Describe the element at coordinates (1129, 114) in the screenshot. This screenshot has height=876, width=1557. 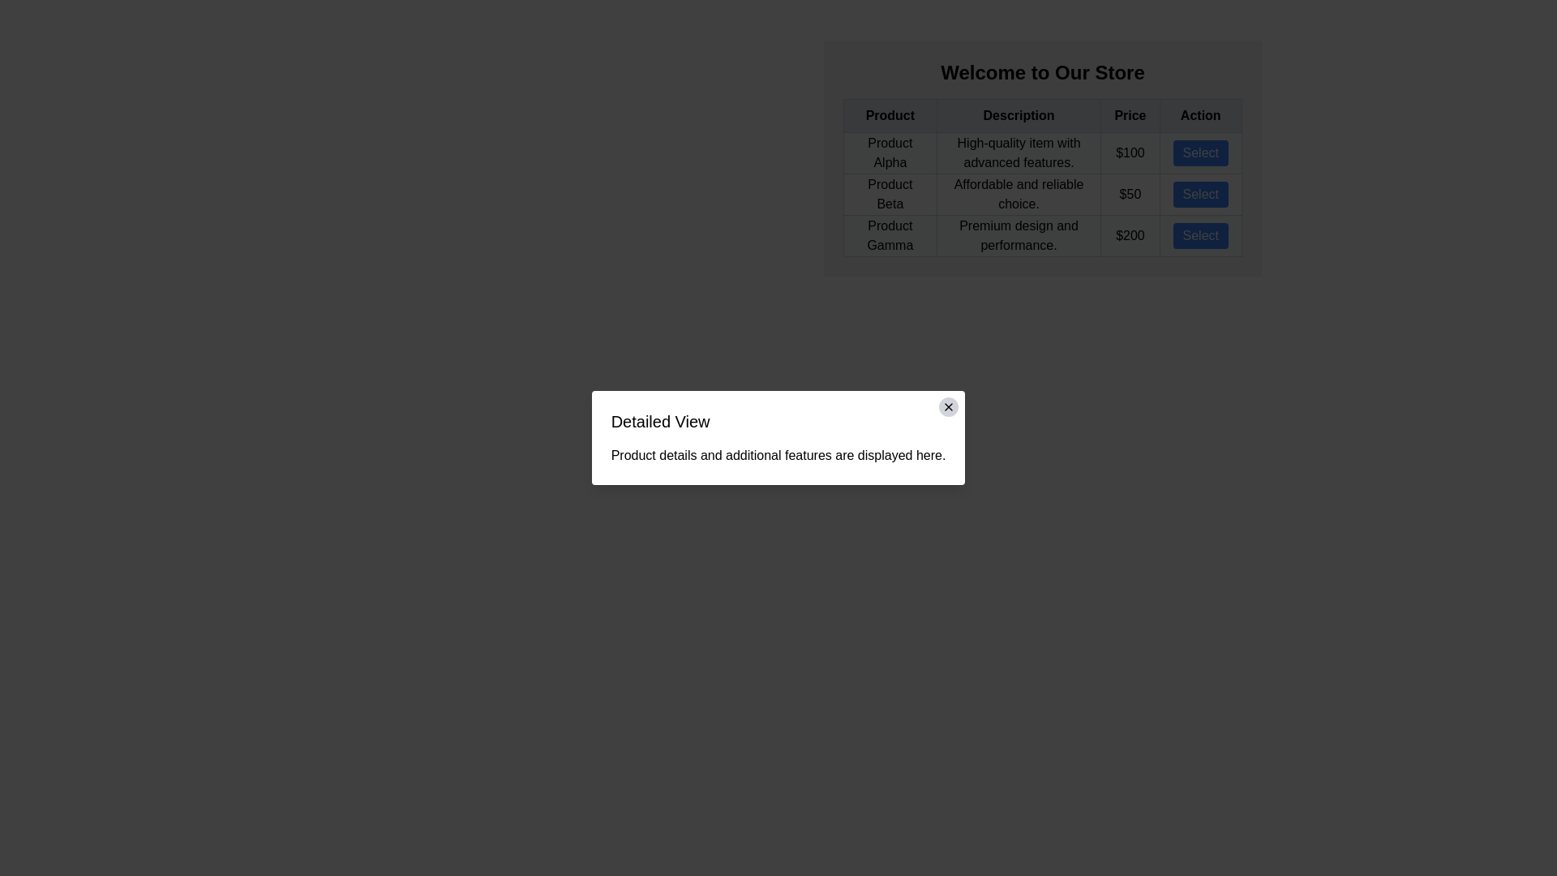
I see `the Table Header Cell labeled 'Price', which is styled with centered black text on a gray background, positioned between 'Description' and 'Action' under the 'Welcome to Our Store' heading` at that location.